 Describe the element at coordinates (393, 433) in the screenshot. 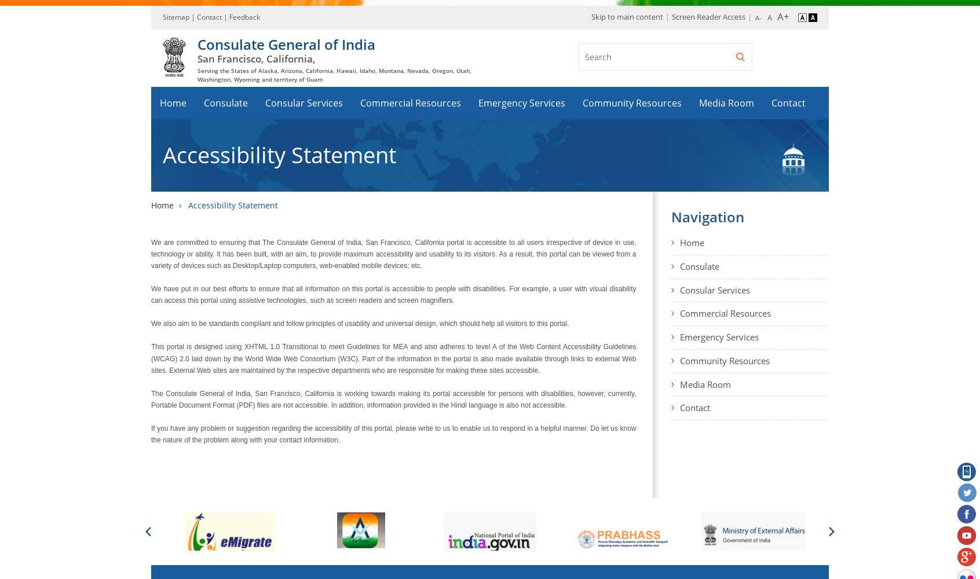

I see `'If you have any problem or suggestion regarding the accessibility of this portal, please write to us to enable us to respond in a helpful manner. Do let us know the nature of the problem along with your contact information.'` at that location.